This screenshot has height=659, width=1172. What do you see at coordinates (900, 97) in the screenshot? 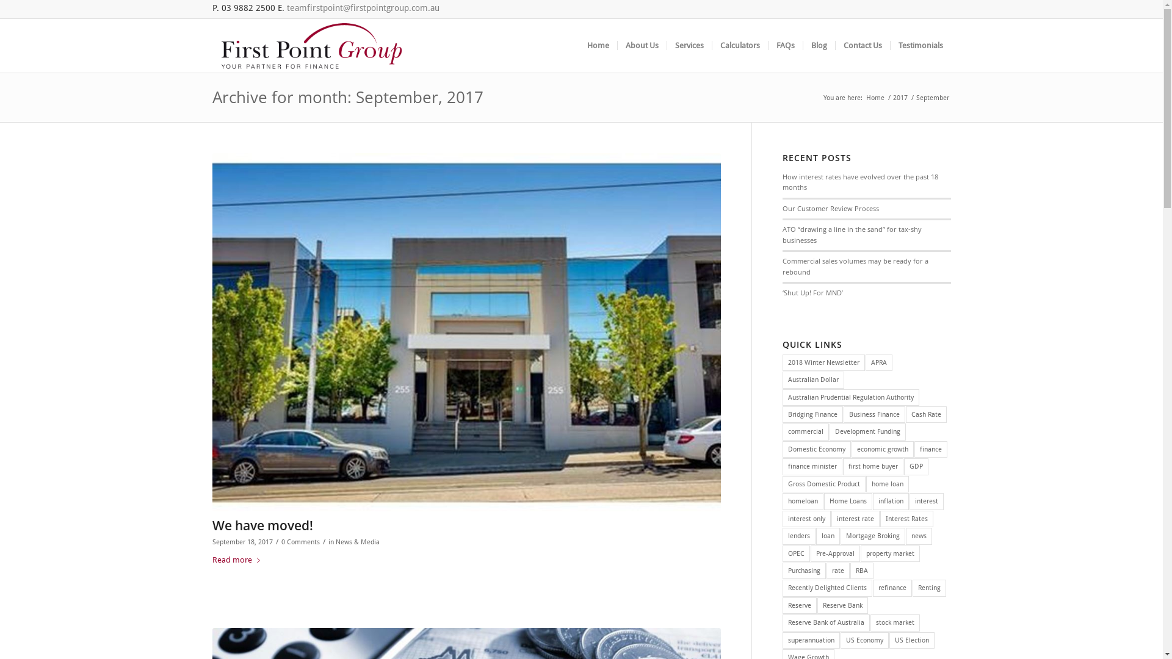
I see `'2017'` at bounding box center [900, 97].